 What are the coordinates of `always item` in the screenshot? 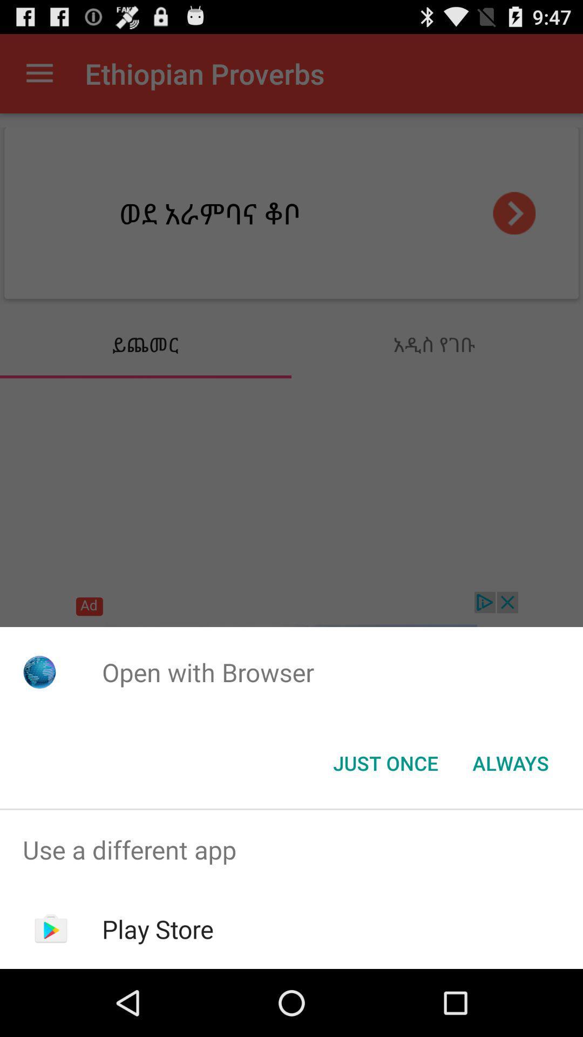 It's located at (510, 762).